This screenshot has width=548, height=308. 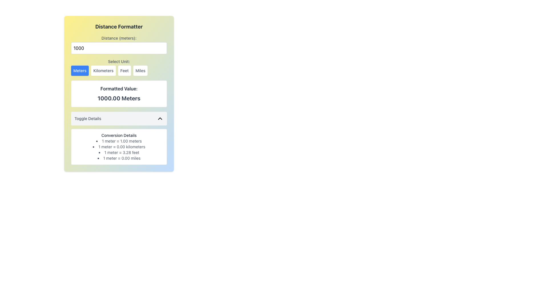 What do you see at coordinates (79, 70) in the screenshot?
I see `the blue button labeled 'Meters' with white bold text` at bounding box center [79, 70].